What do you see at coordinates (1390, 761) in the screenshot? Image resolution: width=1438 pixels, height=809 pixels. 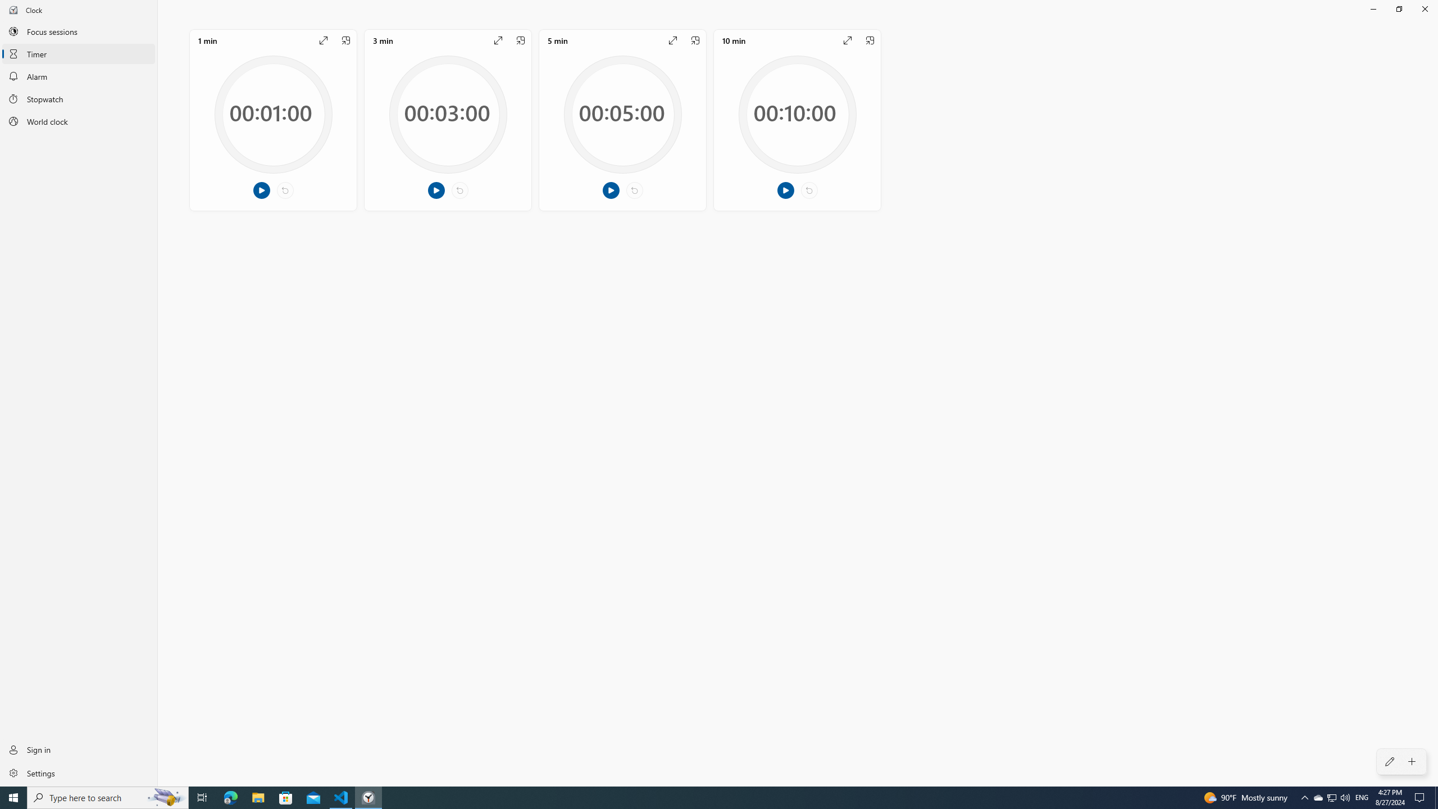 I see `'Edit timer'` at bounding box center [1390, 761].